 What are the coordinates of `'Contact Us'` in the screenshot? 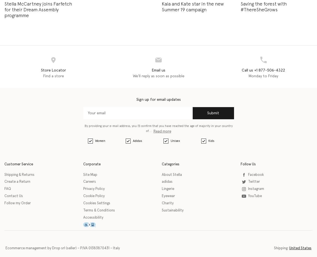 It's located at (13, 196).